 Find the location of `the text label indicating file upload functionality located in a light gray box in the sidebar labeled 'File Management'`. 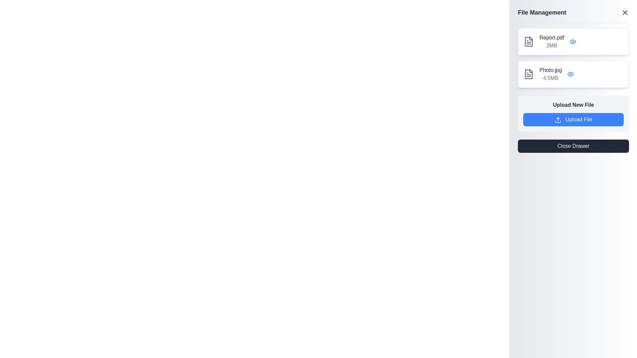

the text label indicating file upload functionality located in a light gray box in the sidebar labeled 'File Management' is located at coordinates (573, 104).